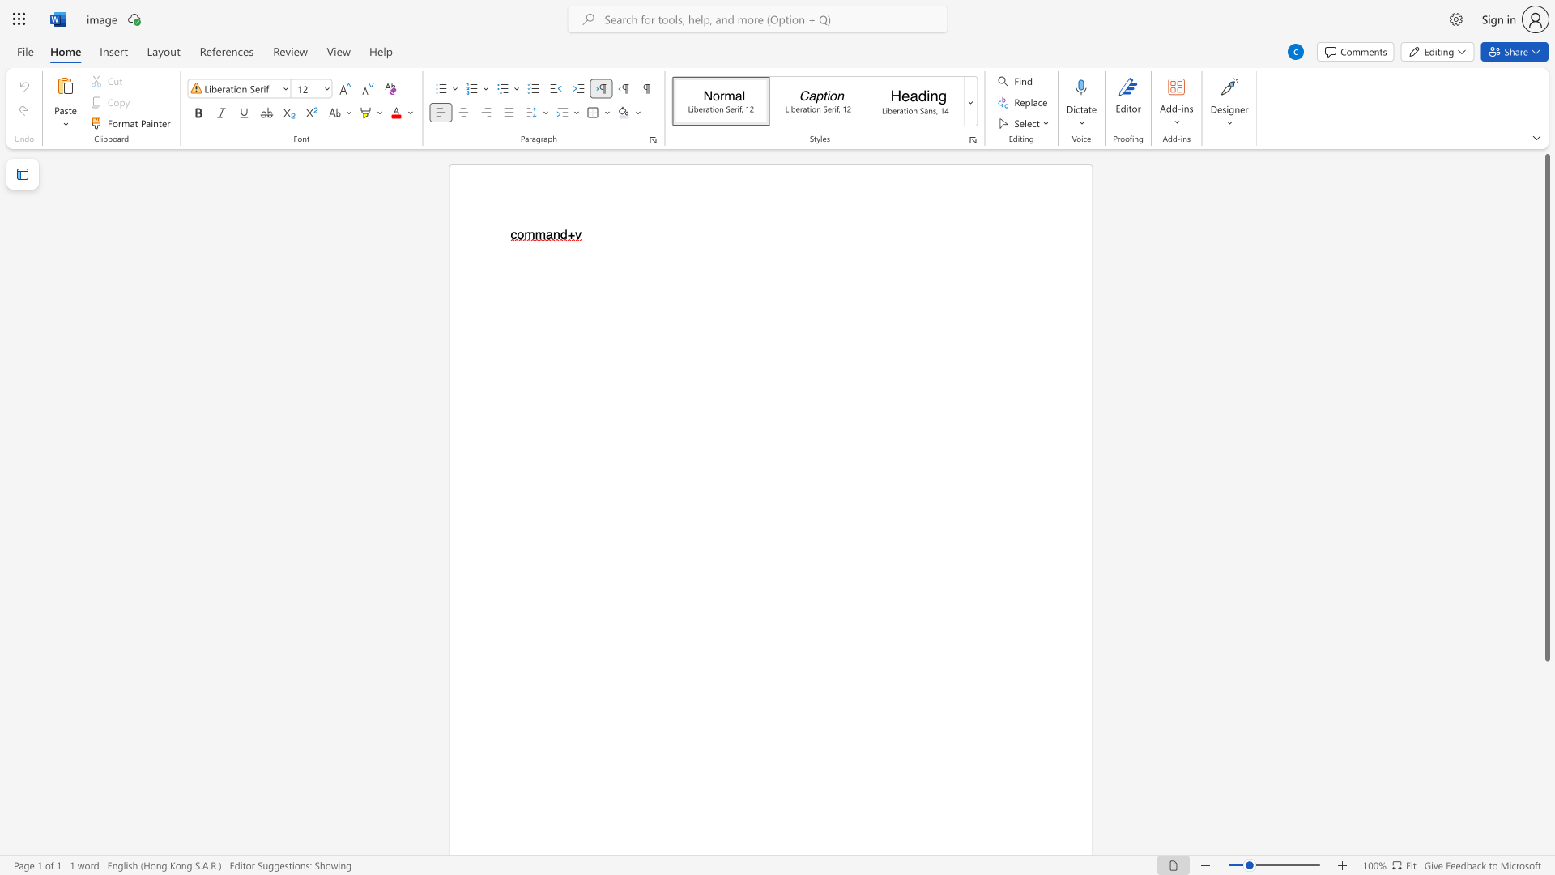  I want to click on the scrollbar to slide the page down, so click(1546, 784).